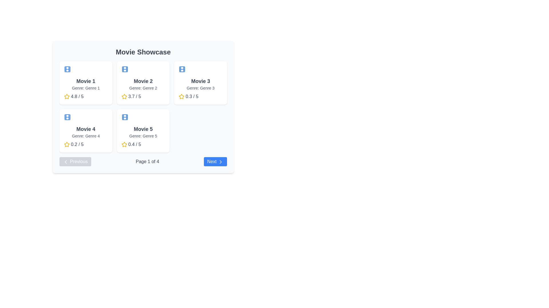  What do you see at coordinates (200, 88) in the screenshot?
I see `the text label 'Genre: Genre 3', which is styled in gray and positioned below the title 'Movie 3'` at bounding box center [200, 88].